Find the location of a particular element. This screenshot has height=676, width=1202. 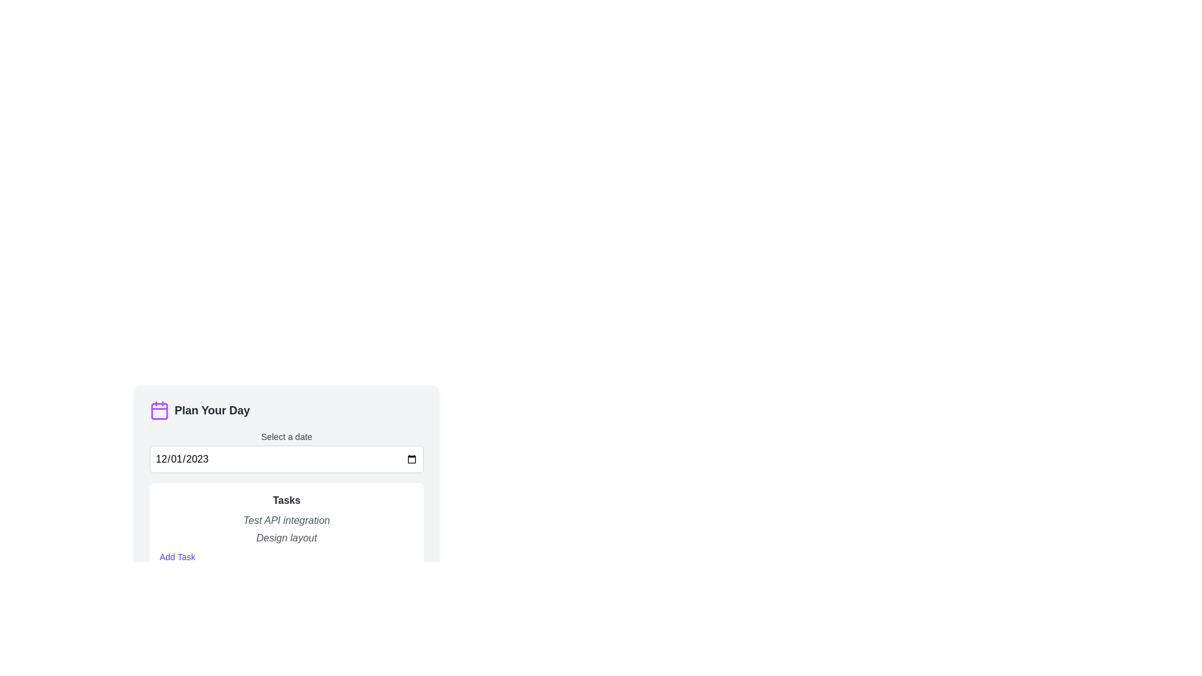

text from the bold, medium-sized dark gray label that serves as the heading for the task list, positioned at the top of the white background card is located at coordinates (285, 499).